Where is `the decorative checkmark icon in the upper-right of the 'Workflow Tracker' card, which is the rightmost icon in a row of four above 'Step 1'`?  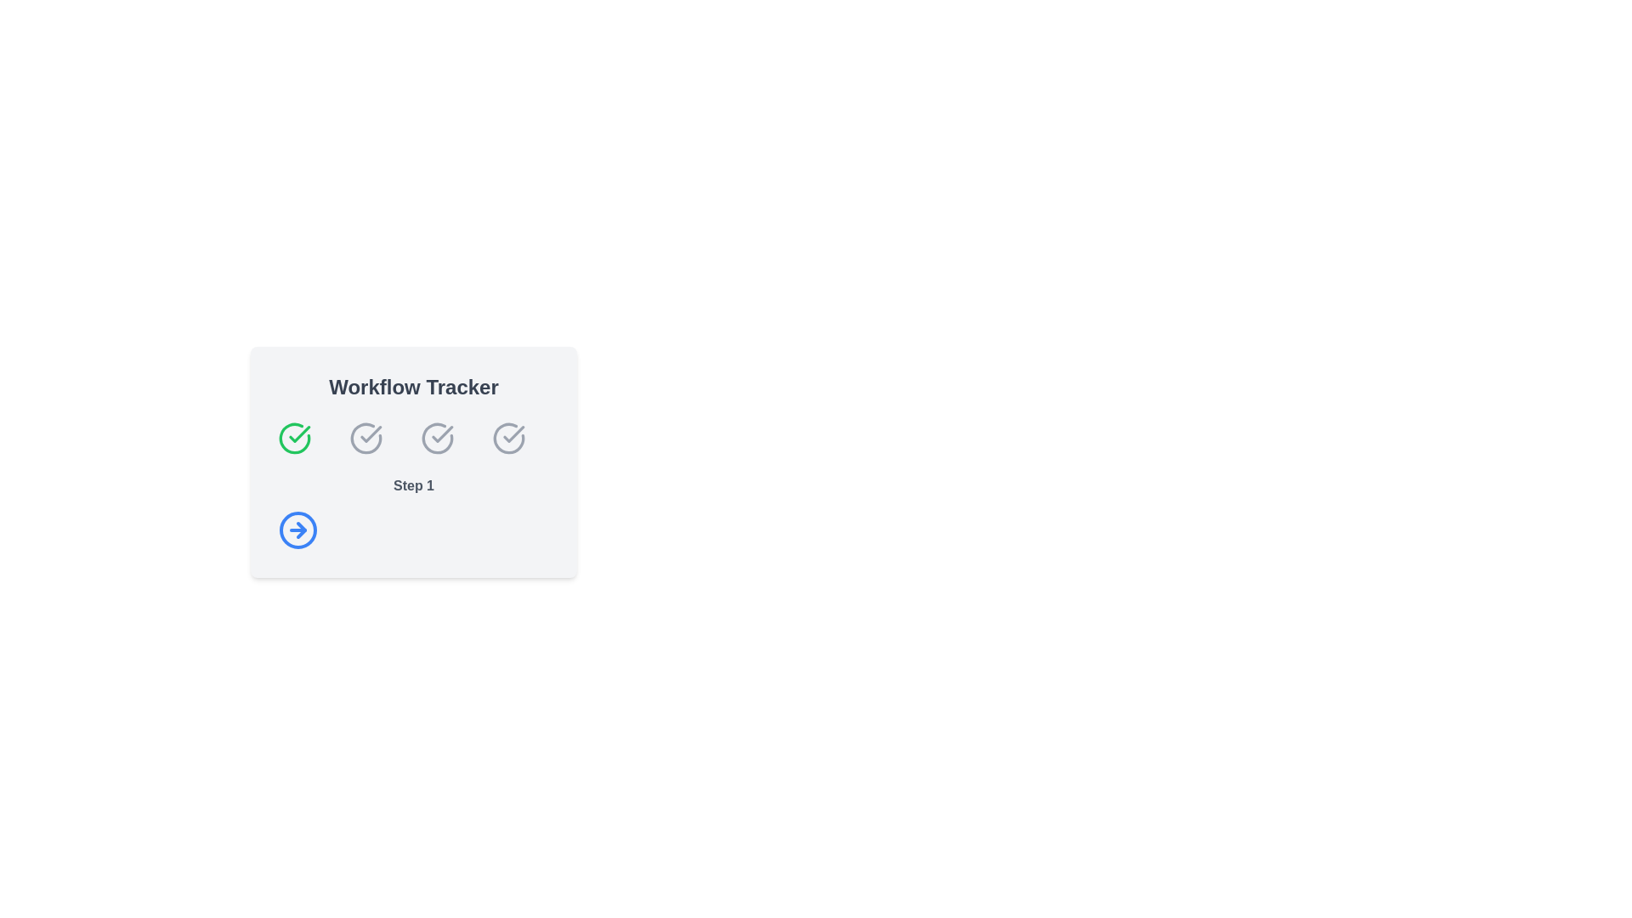 the decorative checkmark icon in the upper-right of the 'Workflow Tracker' card, which is the rightmost icon in a row of four above 'Step 1' is located at coordinates (508, 438).